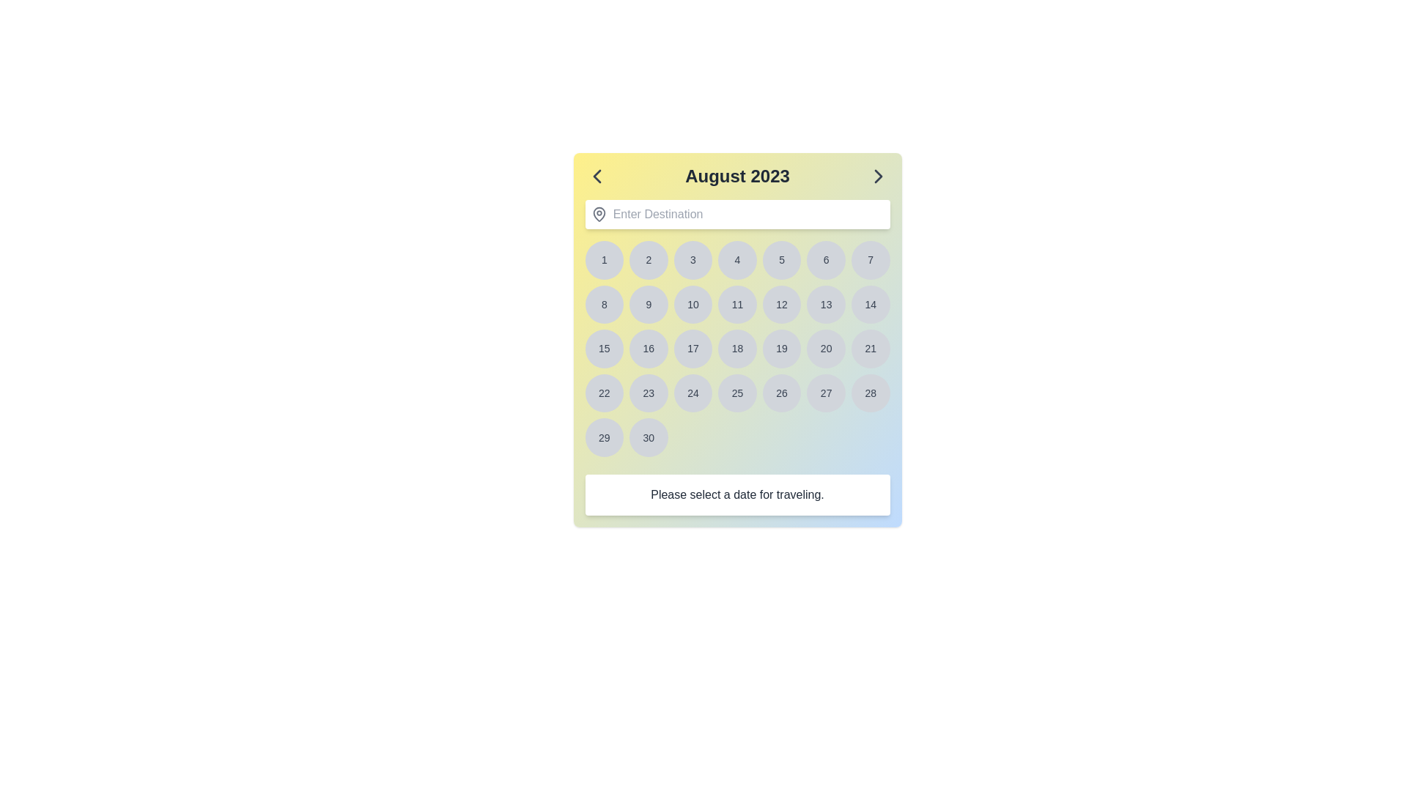 The height and width of the screenshot is (791, 1407). I want to click on the chevron icon located at the far right of the header section titled 'August 2023', so click(878, 175).